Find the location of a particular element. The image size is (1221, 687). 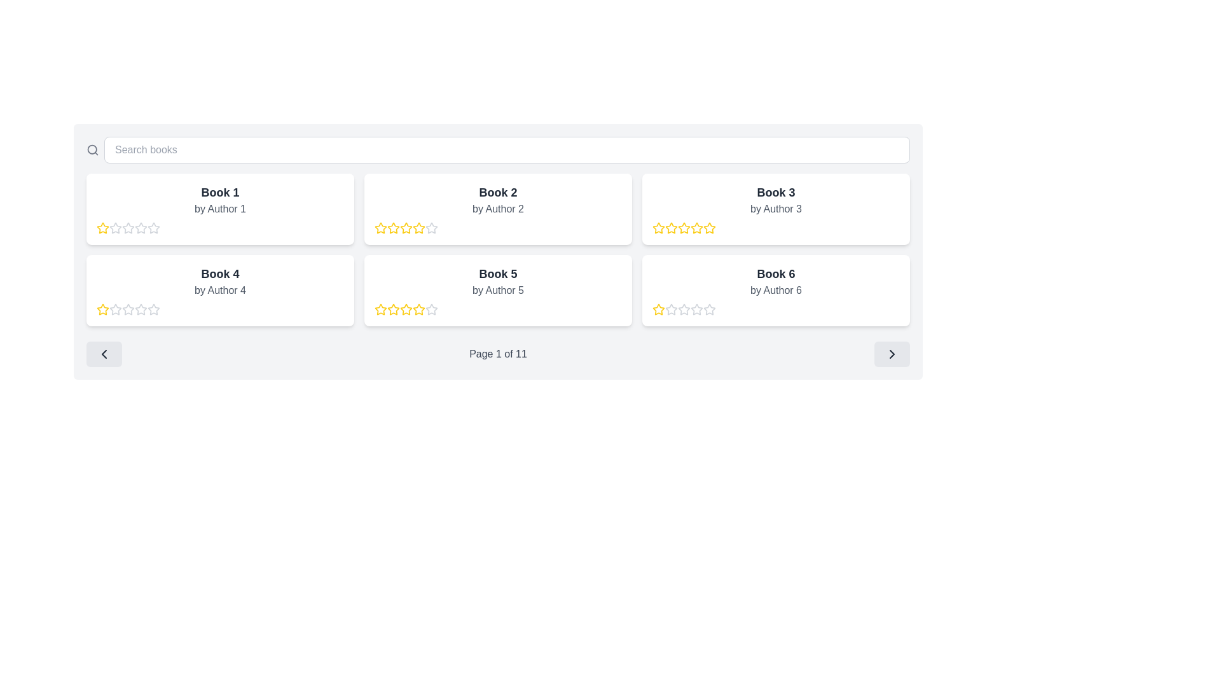

the information card titled 'Book 2' with a white background, rounded corners, and a rating of four yellow stars and one gray star, located in the first row and second column of the grid layout is located at coordinates (497, 208).